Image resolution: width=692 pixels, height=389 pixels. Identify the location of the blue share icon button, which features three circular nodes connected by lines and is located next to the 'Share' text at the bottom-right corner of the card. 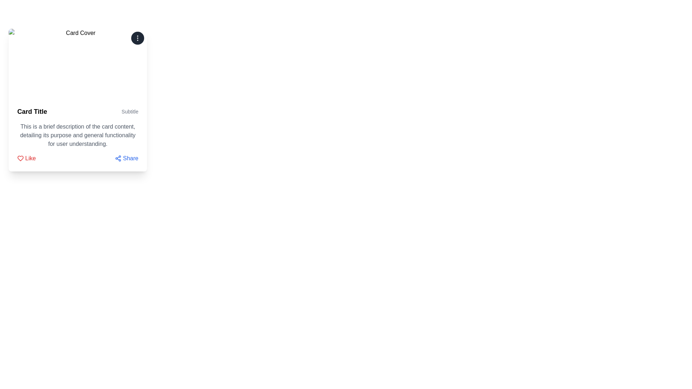
(118, 158).